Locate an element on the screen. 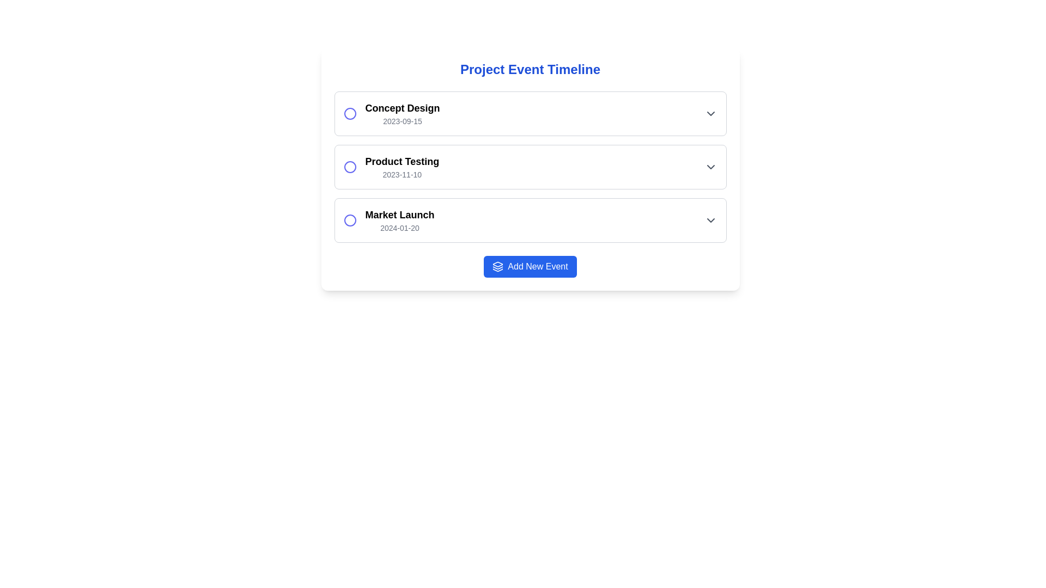 The image size is (1046, 588). the second row is located at coordinates (530, 167).